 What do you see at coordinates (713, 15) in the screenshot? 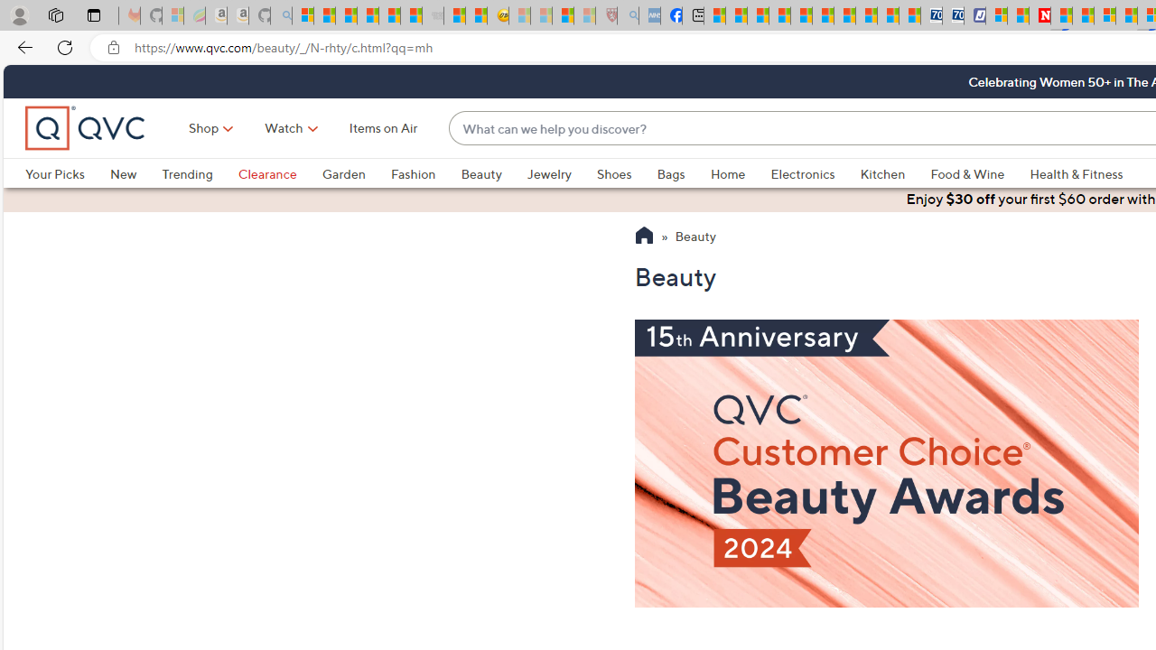
I see `'MSNBC - MSN'` at bounding box center [713, 15].